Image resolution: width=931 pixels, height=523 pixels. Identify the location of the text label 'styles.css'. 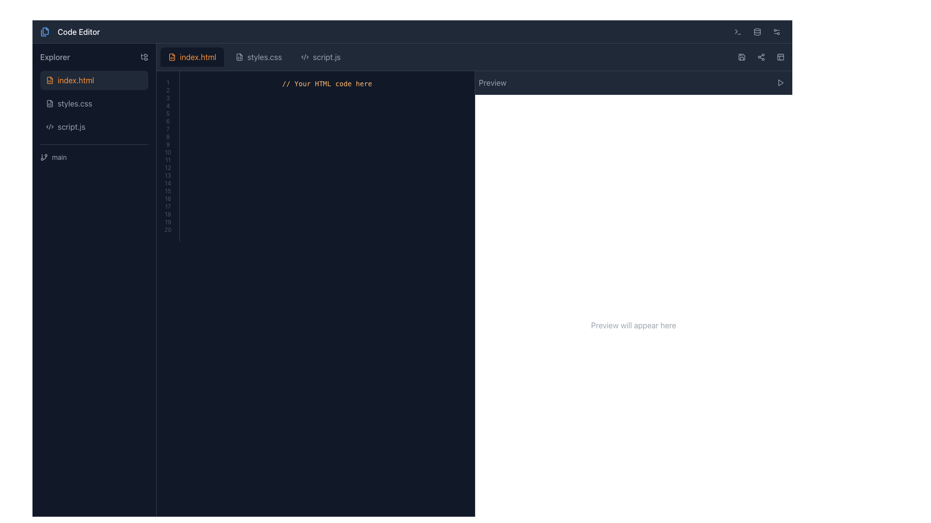
(74, 103).